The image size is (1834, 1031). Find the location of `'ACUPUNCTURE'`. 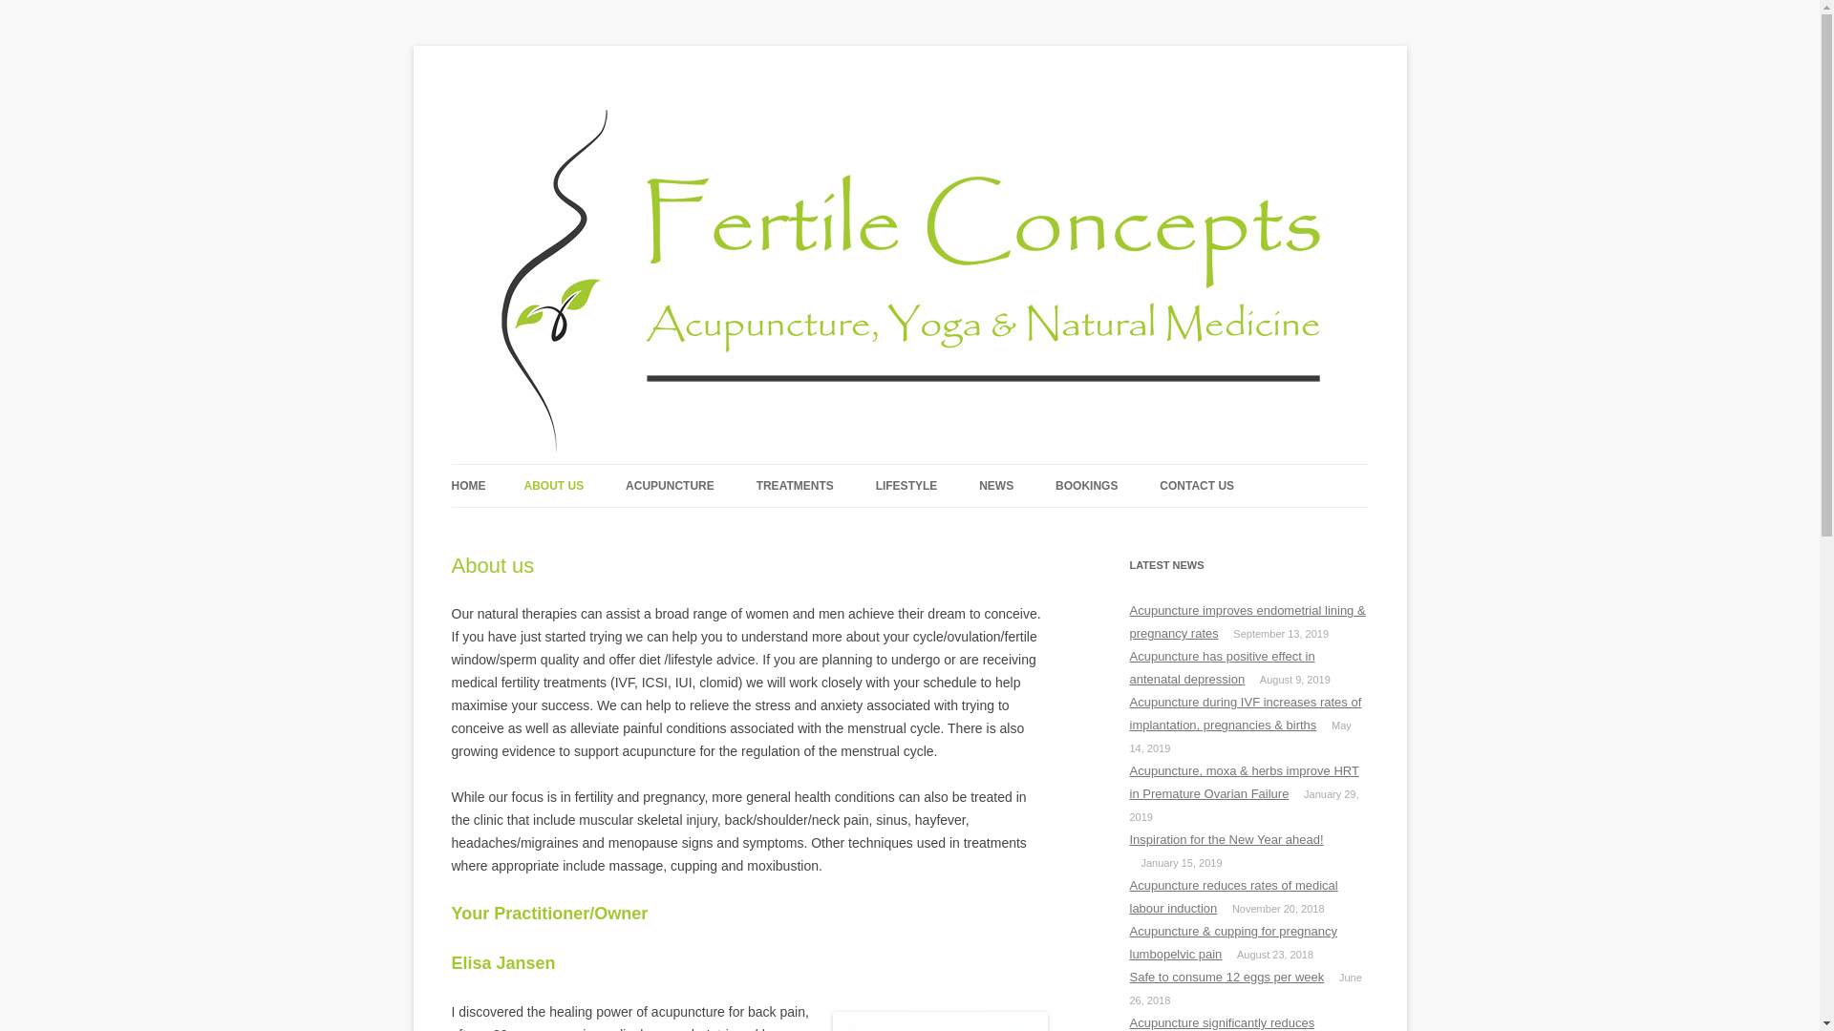

'ACUPUNCTURE' is located at coordinates (670, 485).